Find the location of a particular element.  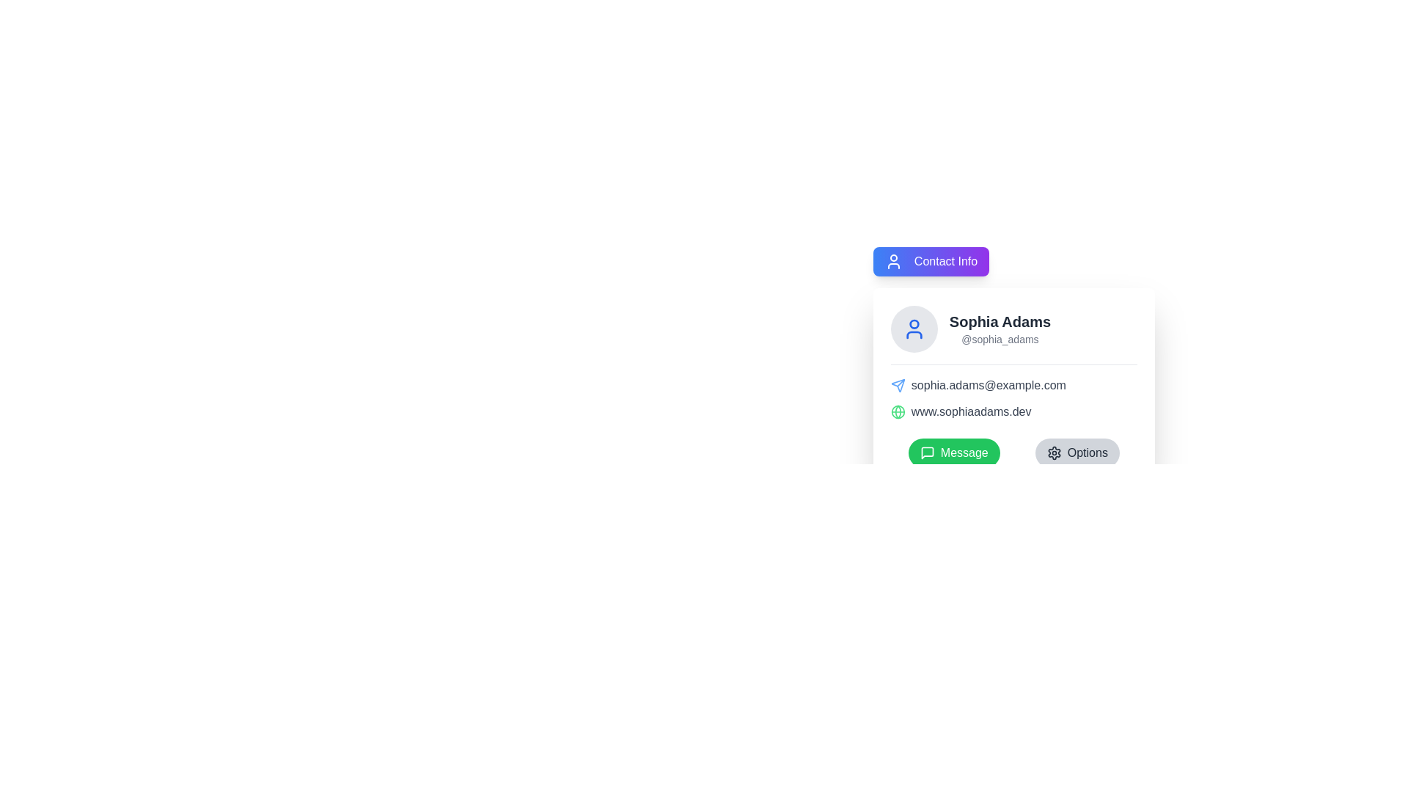

the globe SVG icon located to the left of the text 'www.sophiaadams.dev' is located at coordinates (897, 412).